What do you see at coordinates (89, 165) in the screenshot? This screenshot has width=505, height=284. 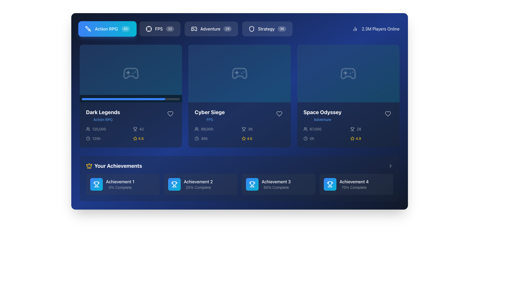 I see `the yellow stylized crown icon located in the 'Your Achievements' section, just to the left of the section title` at bounding box center [89, 165].